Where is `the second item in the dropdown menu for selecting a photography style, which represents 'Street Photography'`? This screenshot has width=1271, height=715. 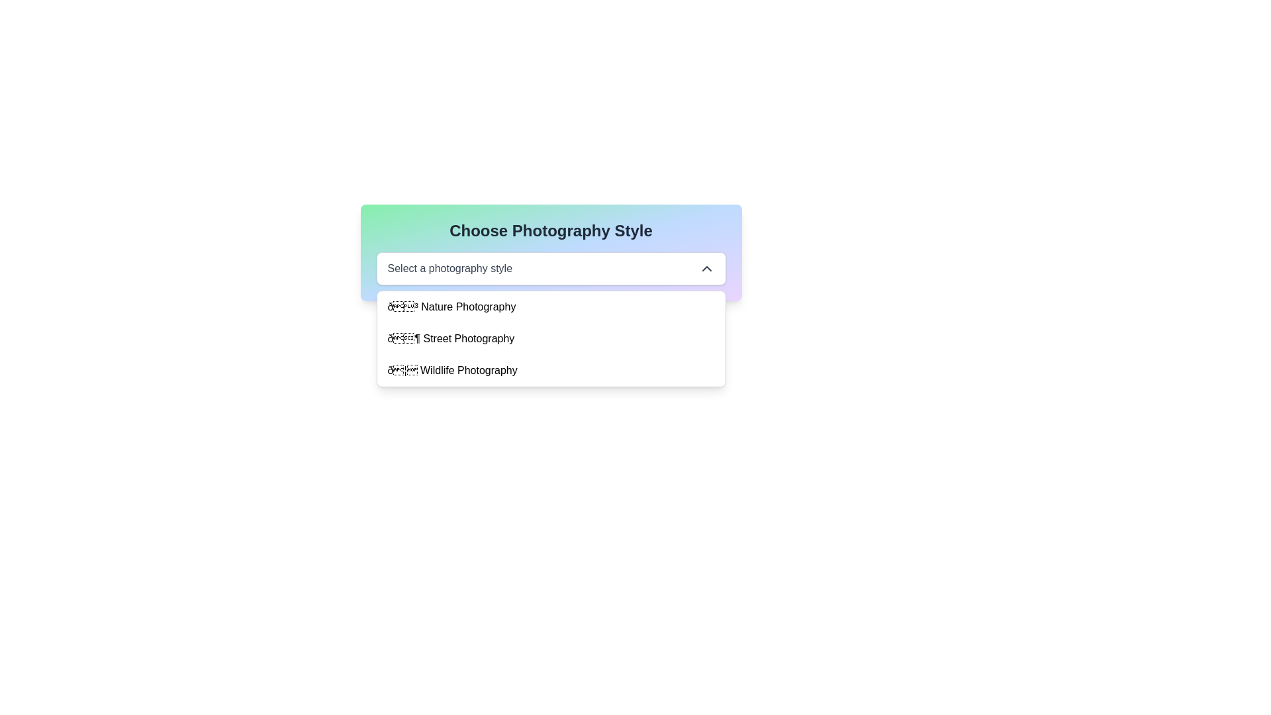 the second item in the dropdown menu for selecting a photography style, which represents 'Street Photography' is located at coordinates (451, 338).